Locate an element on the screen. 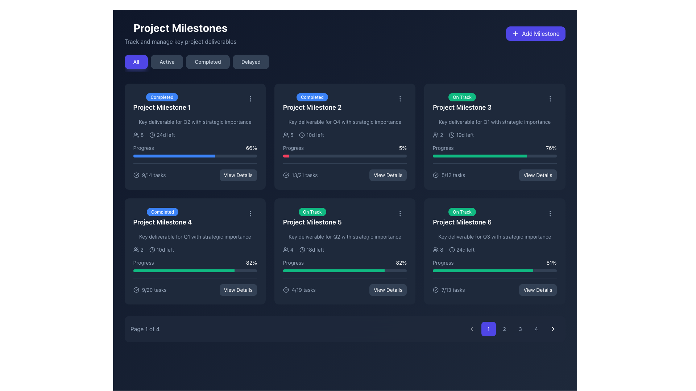  the circular checkmark icon within the 'Project Milestone 6' card, which features an outline design and is located adjacent to the '7/13 tasks' text is located at coordinates (435, 290).